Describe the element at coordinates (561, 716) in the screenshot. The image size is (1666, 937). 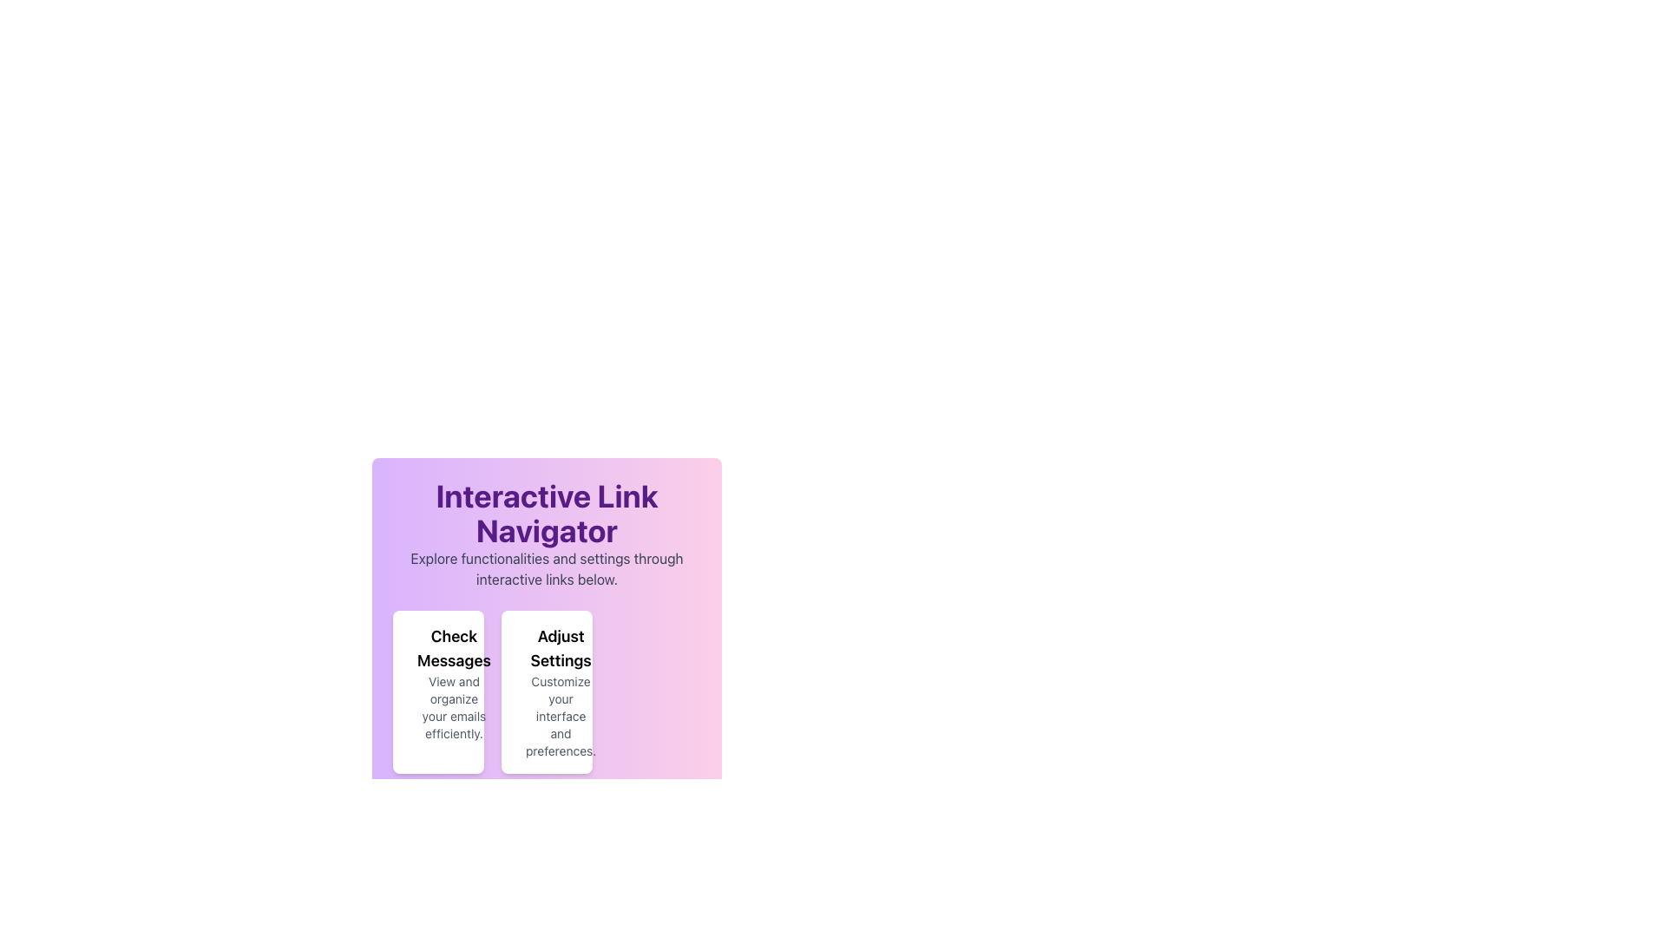
I see `the descriptive Text Label that clarifies the purpose of the 'Adjust Settings' option, located beneath the heading 'Adjust Settings'` at that location.